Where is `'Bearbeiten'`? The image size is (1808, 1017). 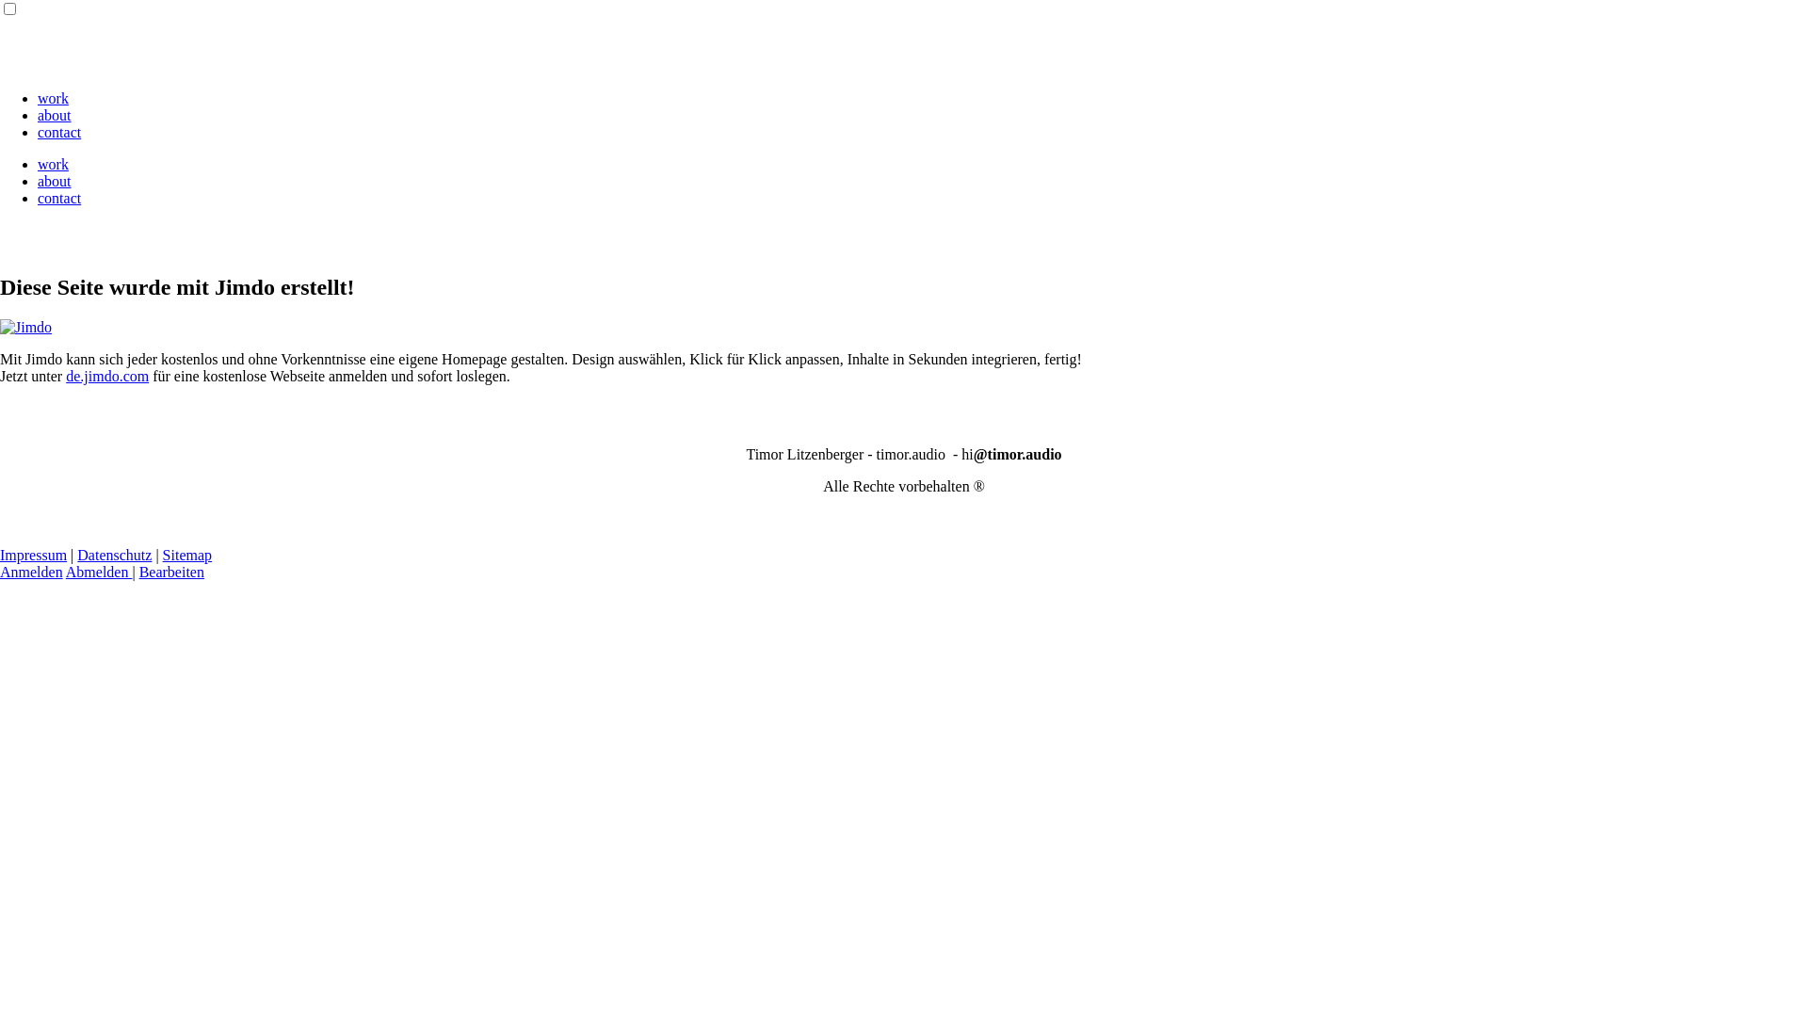
'Bearbeiten' is located at coordinates (171, 571).